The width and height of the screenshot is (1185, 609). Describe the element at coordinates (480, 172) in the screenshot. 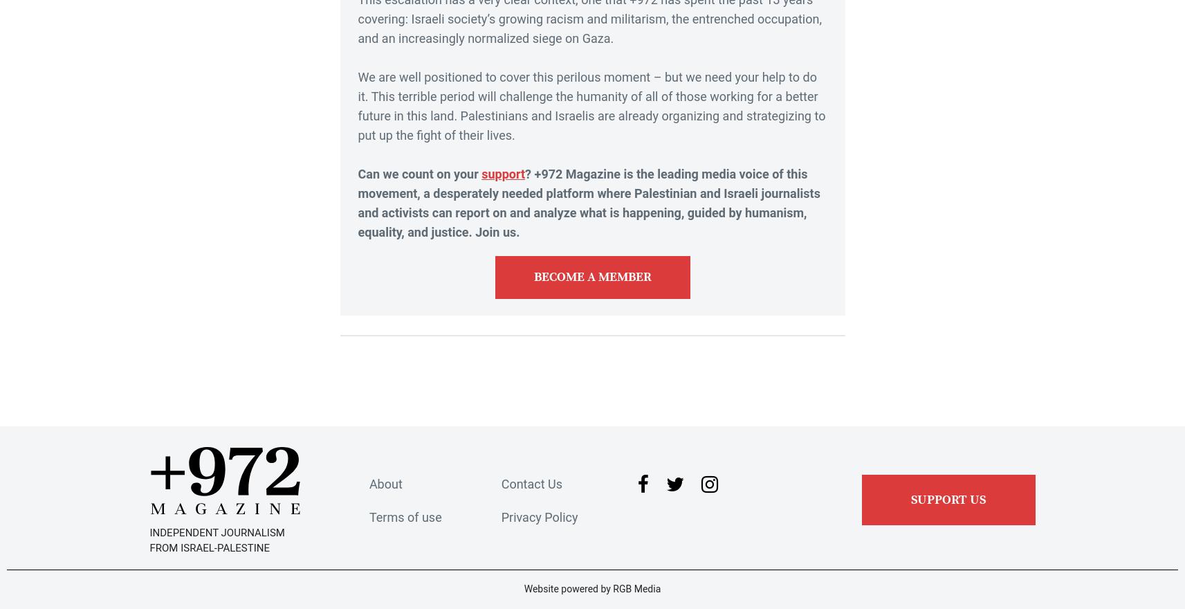

I see `'support'` at that location.